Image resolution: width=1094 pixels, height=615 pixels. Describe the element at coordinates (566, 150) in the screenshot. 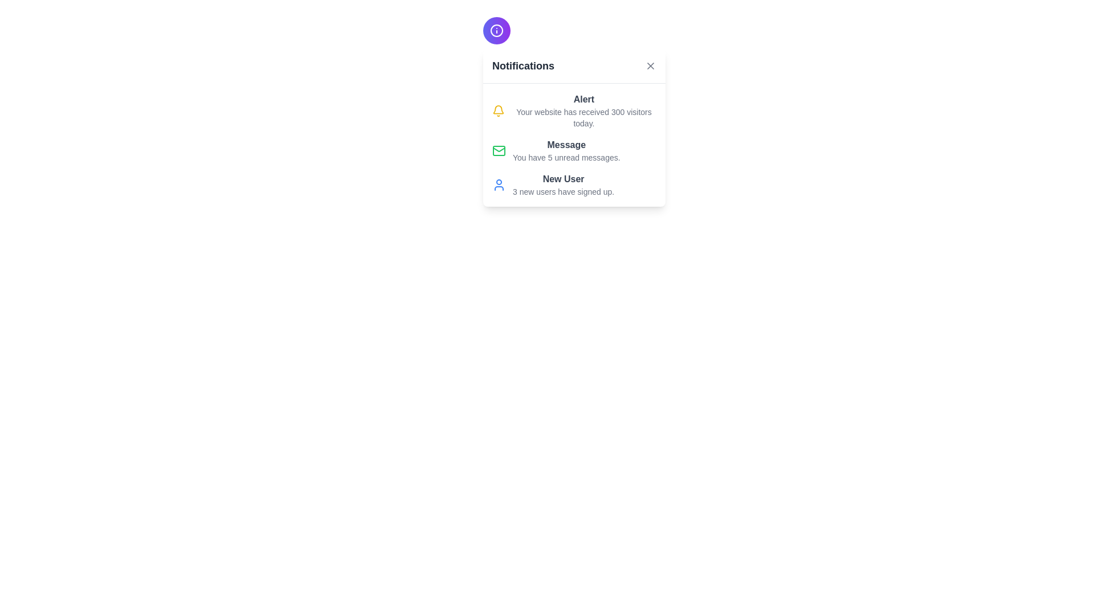

I see `the notification summary message text block that displays the count of unread messages, which is the second item in a list of notifications` at that location.